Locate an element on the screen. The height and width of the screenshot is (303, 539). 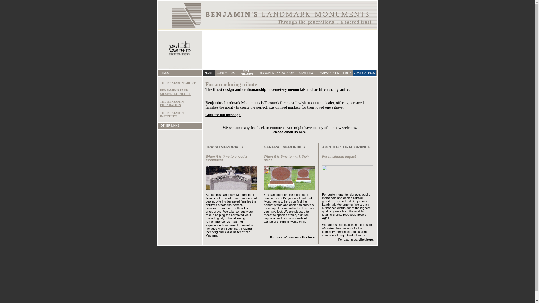
'MAPS OF CEMETERIES' is located at coordinates (335, 72).